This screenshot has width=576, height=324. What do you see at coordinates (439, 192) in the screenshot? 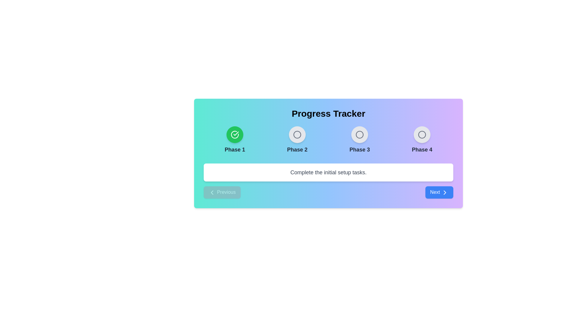
I see `the 'Next' button to navigate to the next phase` at bounding box center [439, 192].